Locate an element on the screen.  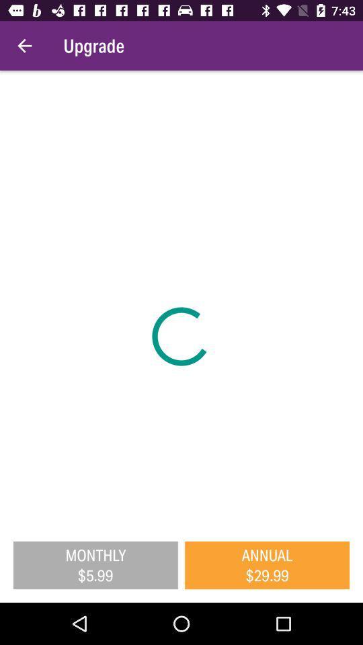
the item next to the monthly is located at coordinates (267, 564).